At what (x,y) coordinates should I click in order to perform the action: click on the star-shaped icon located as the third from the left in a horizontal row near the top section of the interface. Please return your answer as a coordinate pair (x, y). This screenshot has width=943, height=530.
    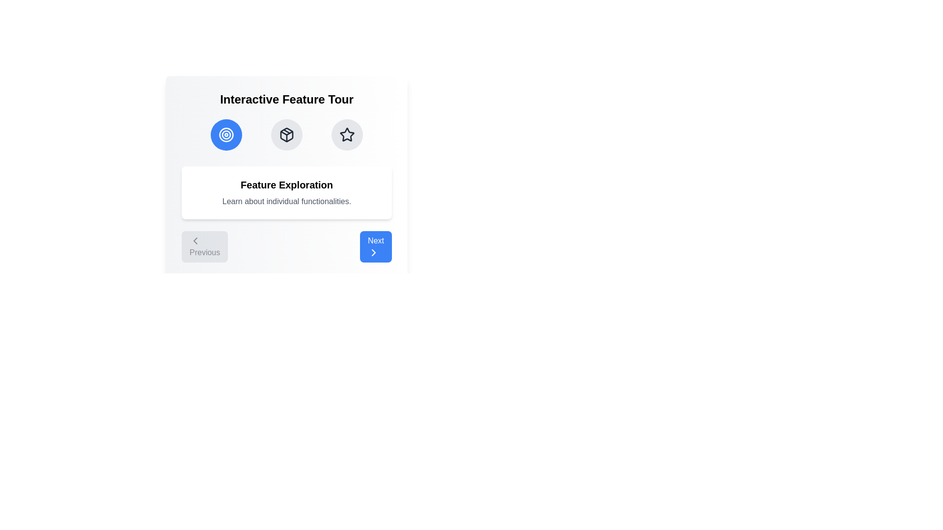
    Looking at the image, I should click on (347, 134).